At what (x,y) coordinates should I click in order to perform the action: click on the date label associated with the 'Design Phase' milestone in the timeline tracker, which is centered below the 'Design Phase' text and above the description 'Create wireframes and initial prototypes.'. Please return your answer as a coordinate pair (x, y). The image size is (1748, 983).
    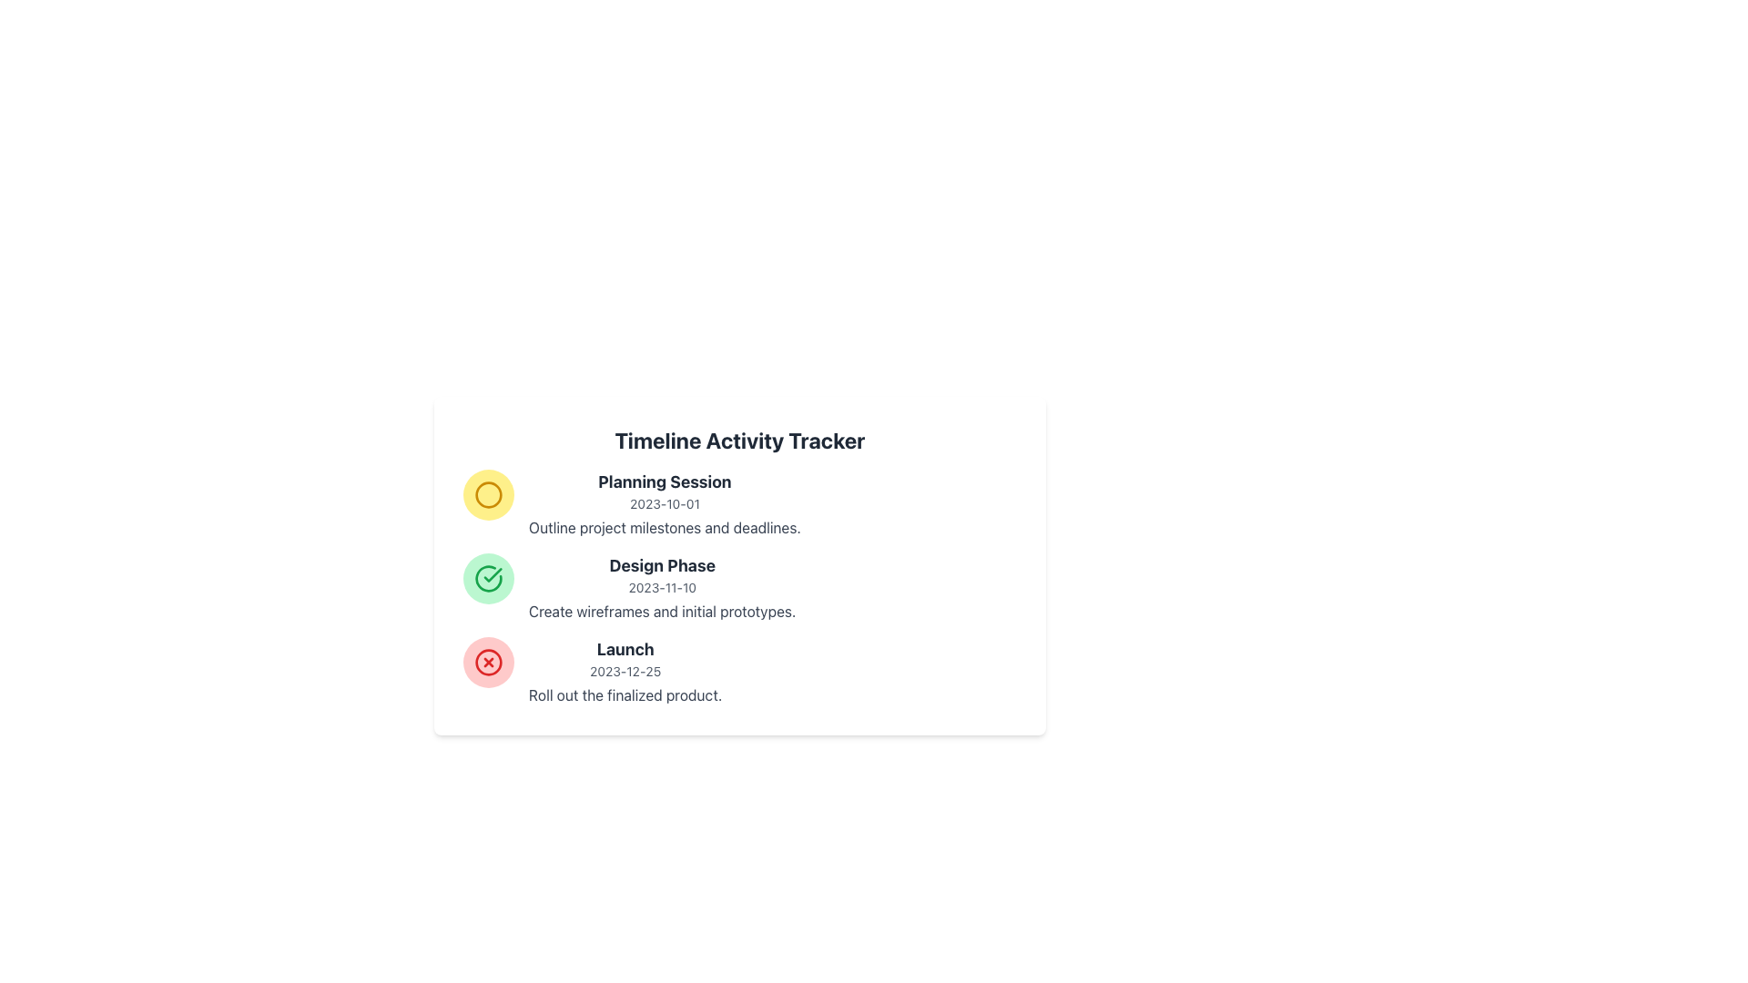
    Looking at the image, I should click on (661, 587).